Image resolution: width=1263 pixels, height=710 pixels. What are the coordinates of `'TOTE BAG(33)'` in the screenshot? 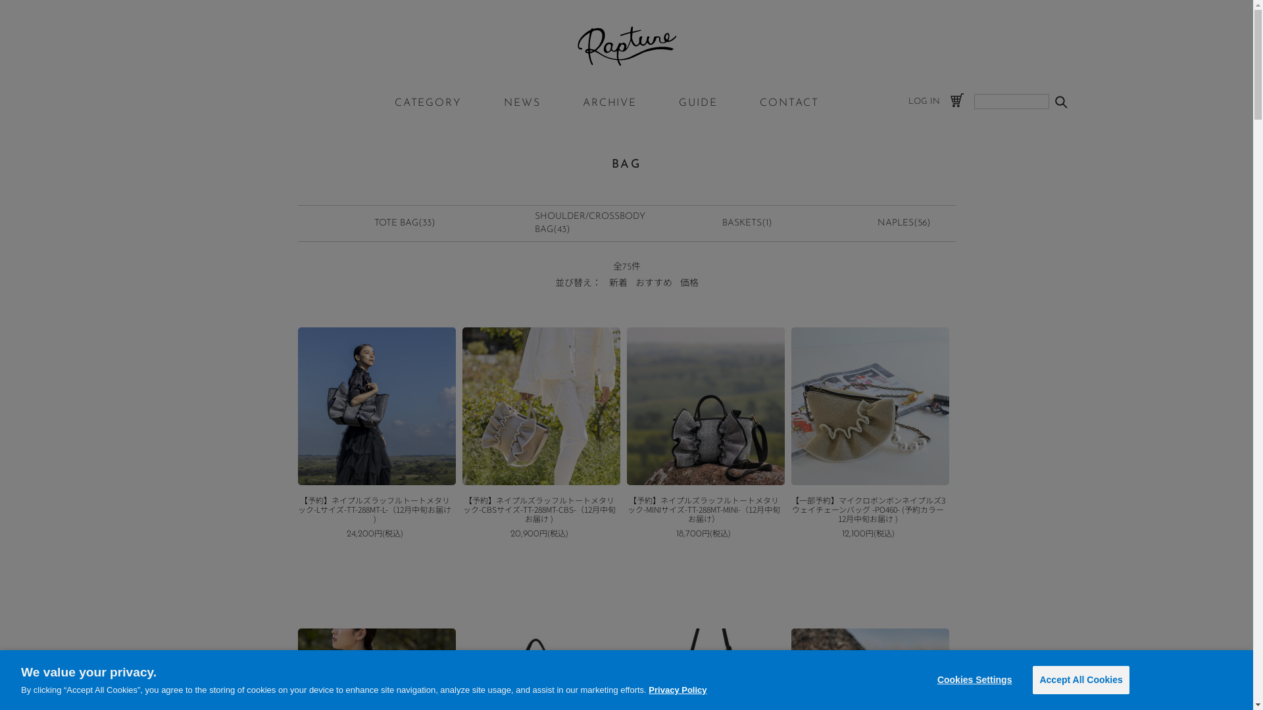 It's located at (404, 222).